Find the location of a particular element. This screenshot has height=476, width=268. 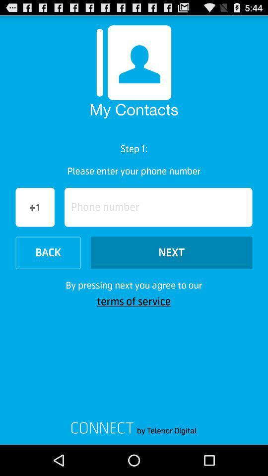

item below by pressing next item is located at coordinates (134, 301).